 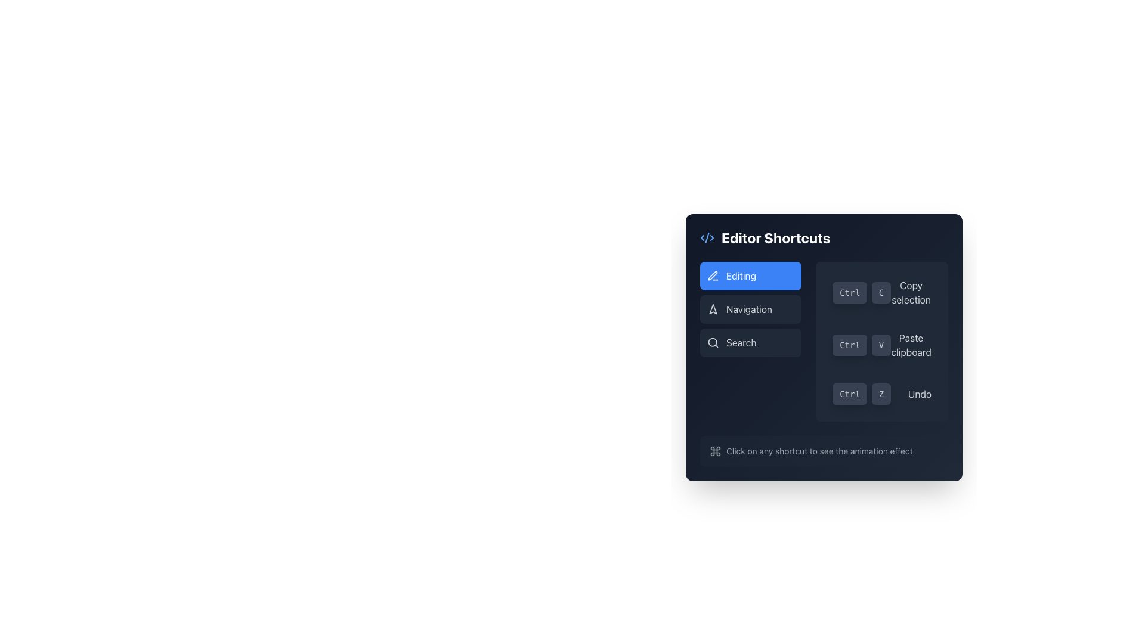 What do you see at coordinates (911, 292) in the screenshot?
I see `the 'Copy selection' text label element, which is displayed in light gray font against a dark background, located in the 'Editor Shortcuts' menu section next to the 'Ctrl + C' shortcut` at bounding box center [911, 292].